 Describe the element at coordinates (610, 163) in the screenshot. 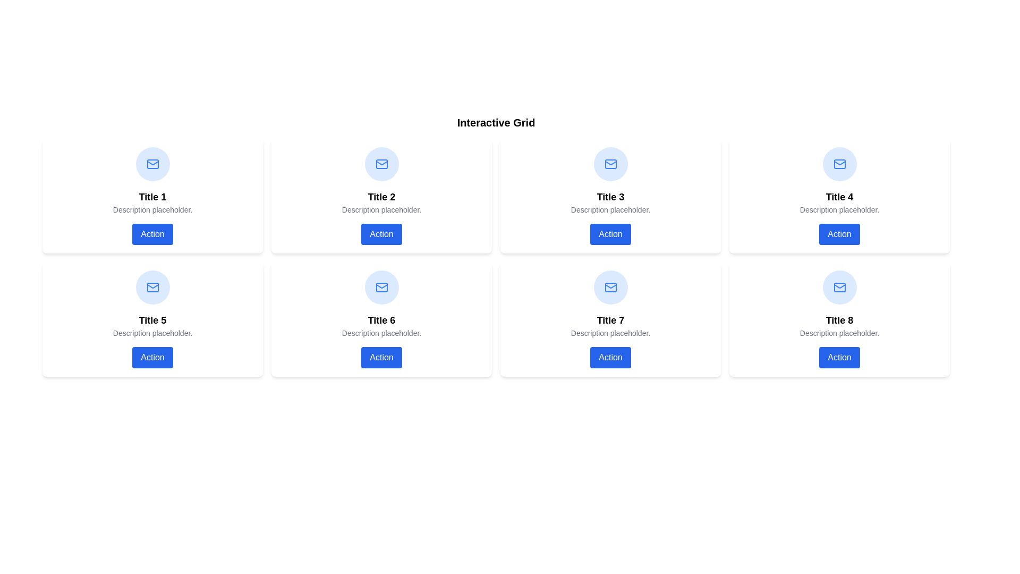

I see `the mail icon represented by an SVG with a blue stroke color, located at the top center of the card labeled 'Title 7'` at that location.